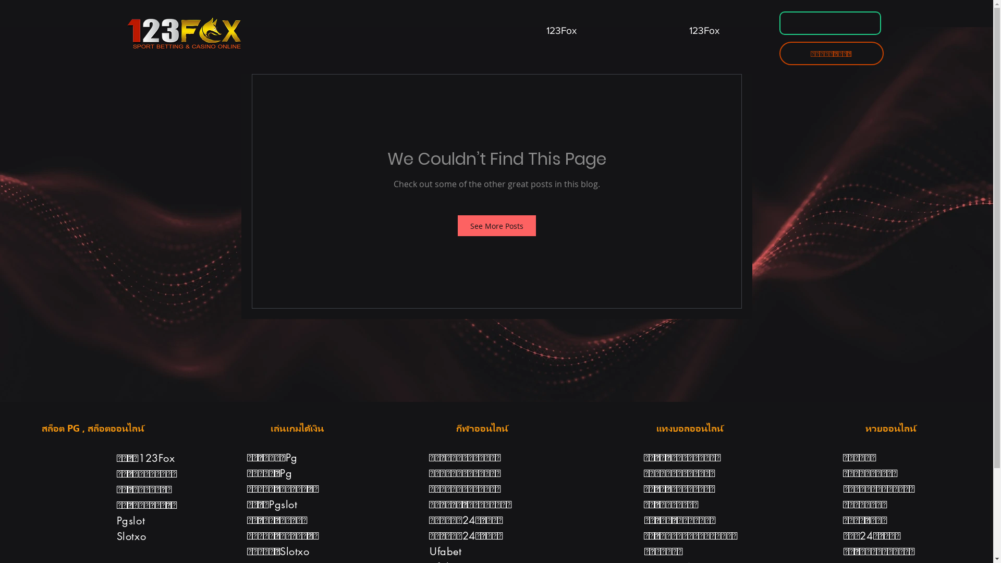  I want to click on 'Ufabet', so click(445, 550).